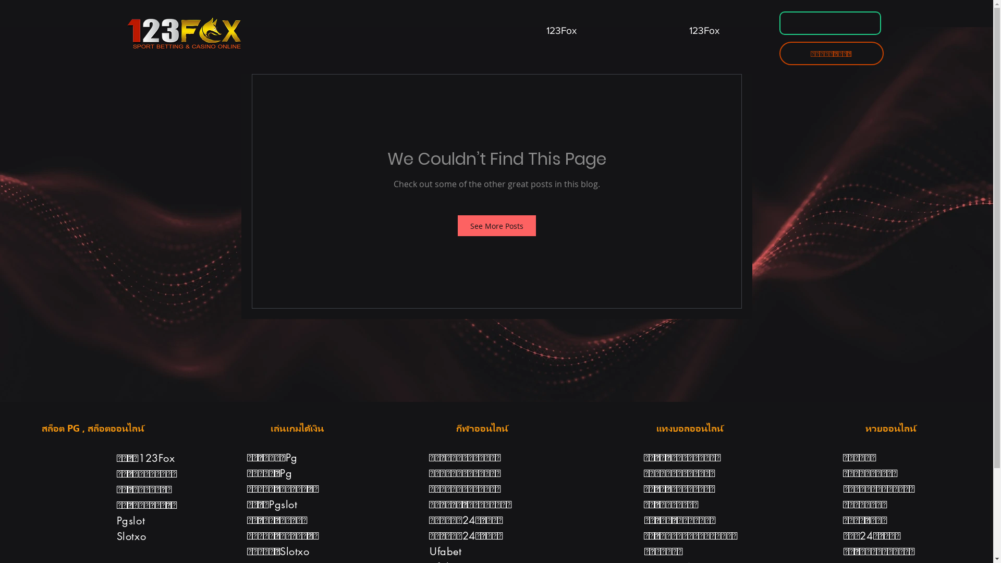  I want to click on 'Ufabet', so click(445, 550).